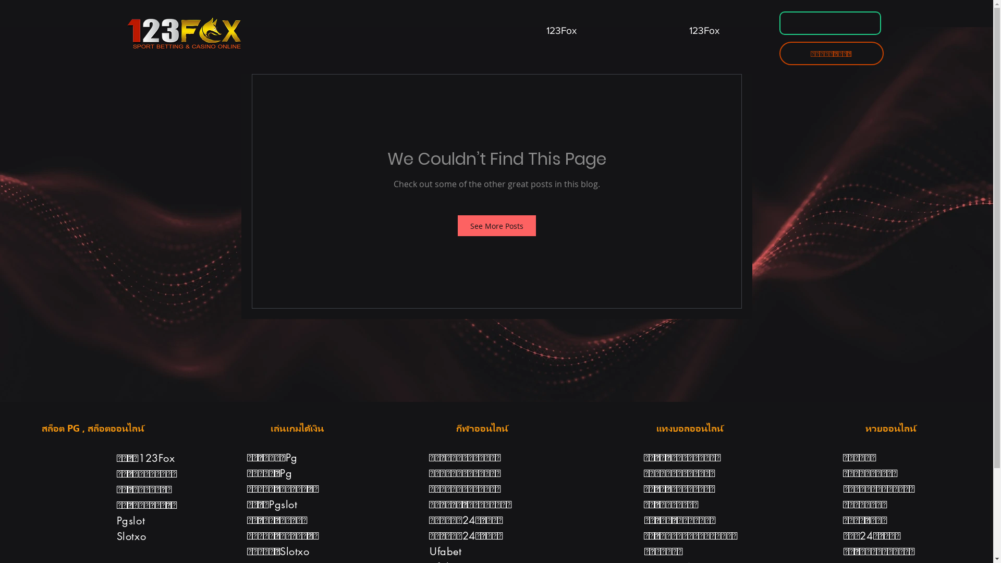  I want to click on 'Ufabet', so click(445, 550).